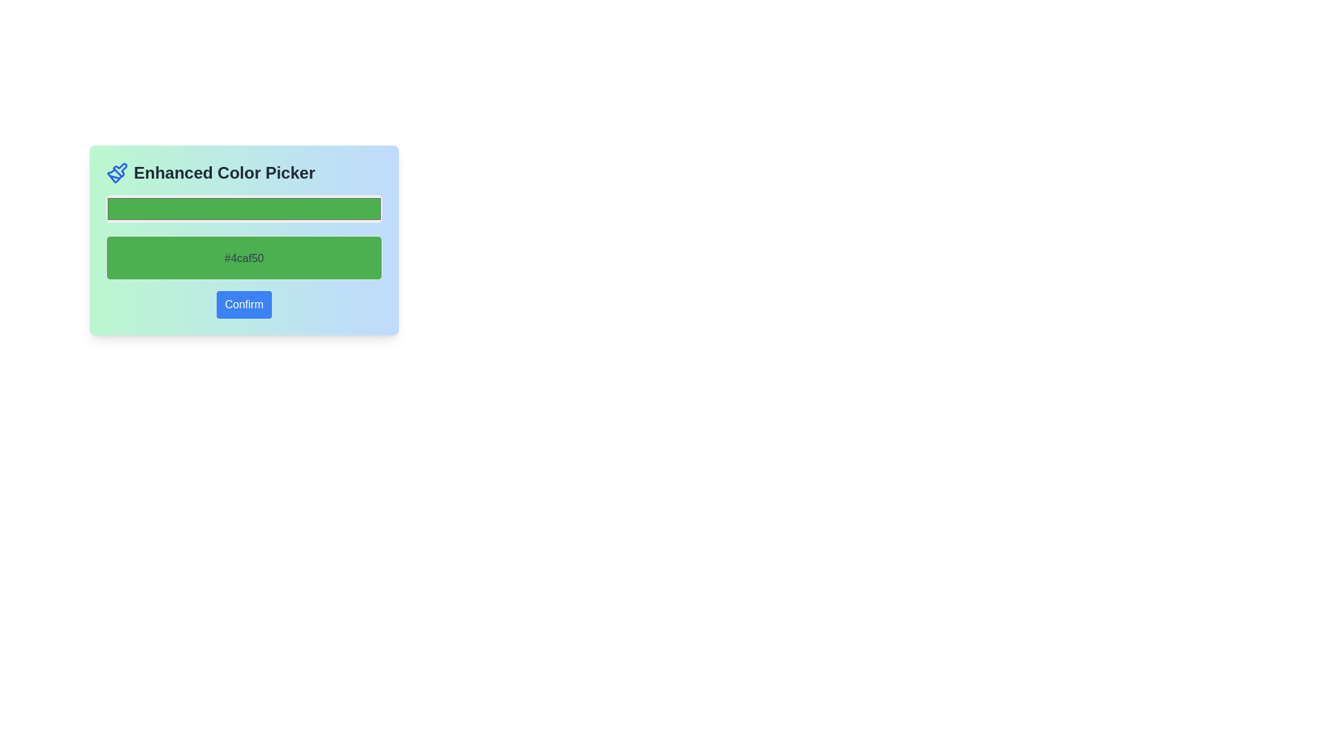 Image resolution: width=1325 pixels, height=745 pixels. Describe the element at coordinates (244, 210) in the screenshot. I see `a new color from the palette by clicking on the green Color Selection Box located below the 'Enhanced Color Picker' heading` at that location.